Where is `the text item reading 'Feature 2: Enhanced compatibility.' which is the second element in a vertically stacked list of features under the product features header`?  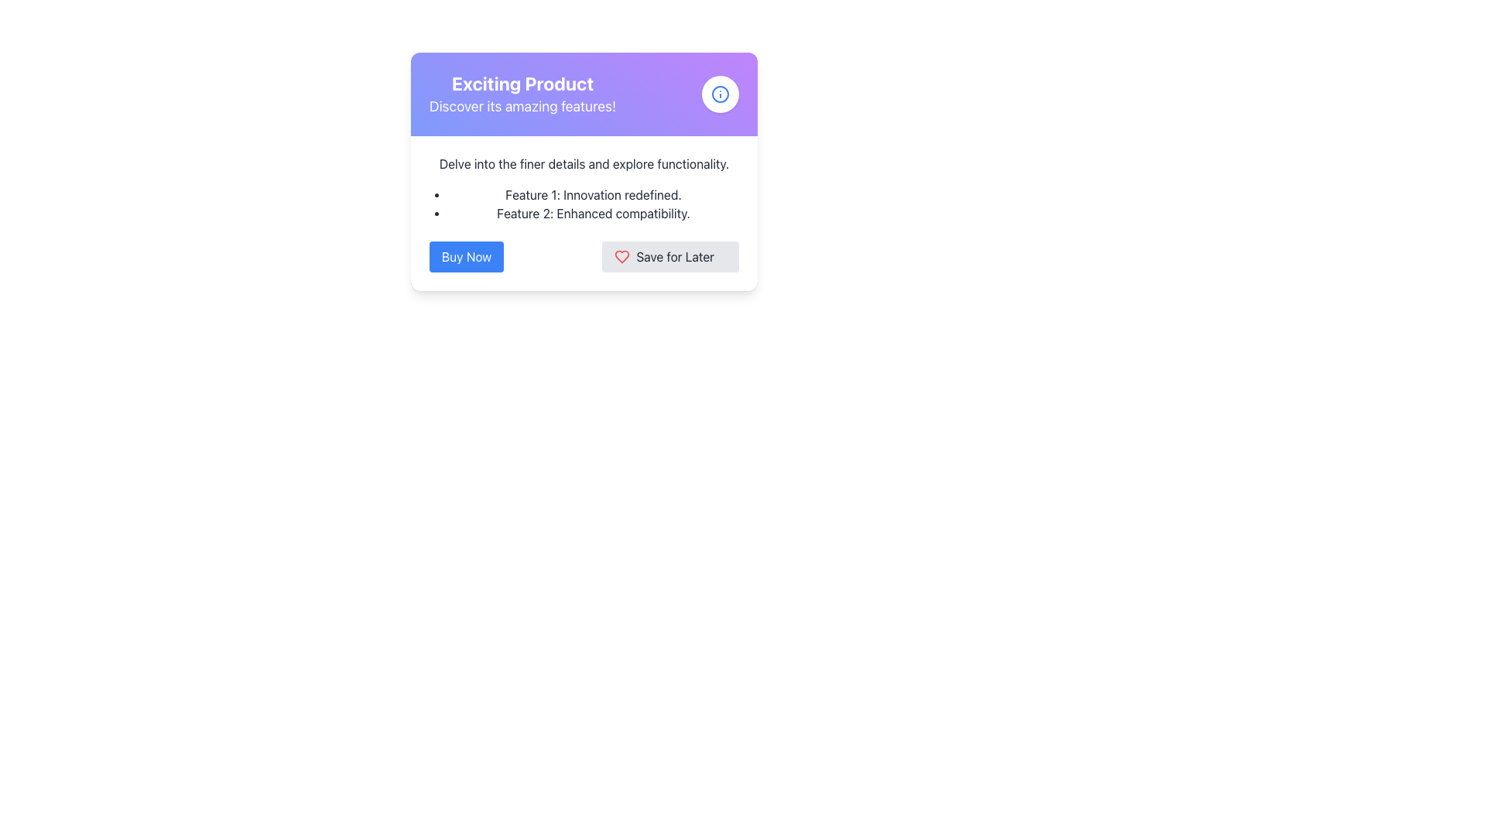
the text item reading 'Feature 2: Enhanced compatibility.' which is the second element in a vertically stacked list of features under the product features header is located at coordinates (593, 214).